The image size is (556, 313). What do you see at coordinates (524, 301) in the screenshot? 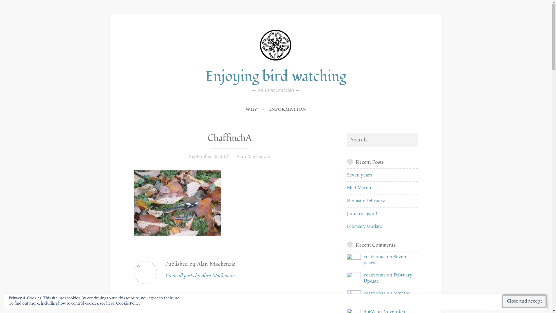
I see `'Close and accept'` at bounding box center [524, 301].